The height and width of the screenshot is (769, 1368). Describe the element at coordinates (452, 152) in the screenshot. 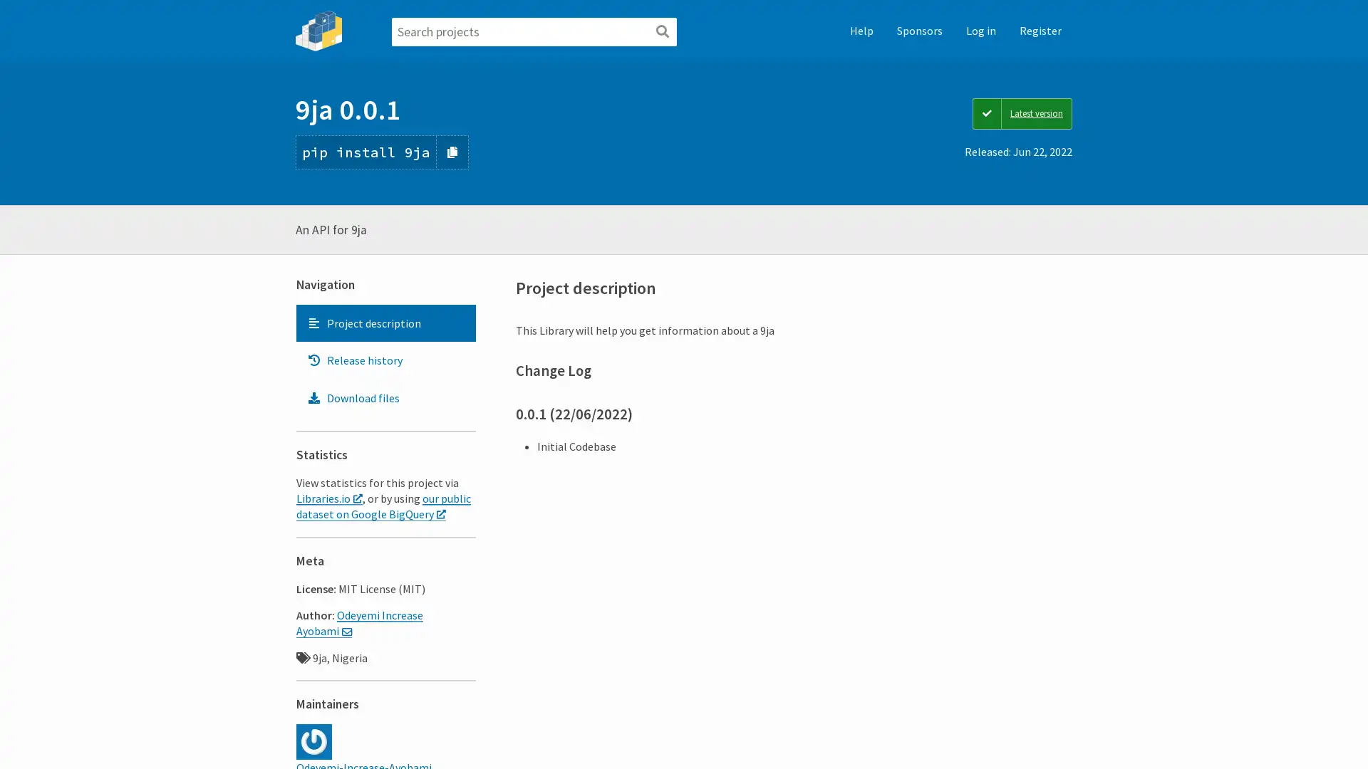

I see `Copy PIP instructions` at that location.